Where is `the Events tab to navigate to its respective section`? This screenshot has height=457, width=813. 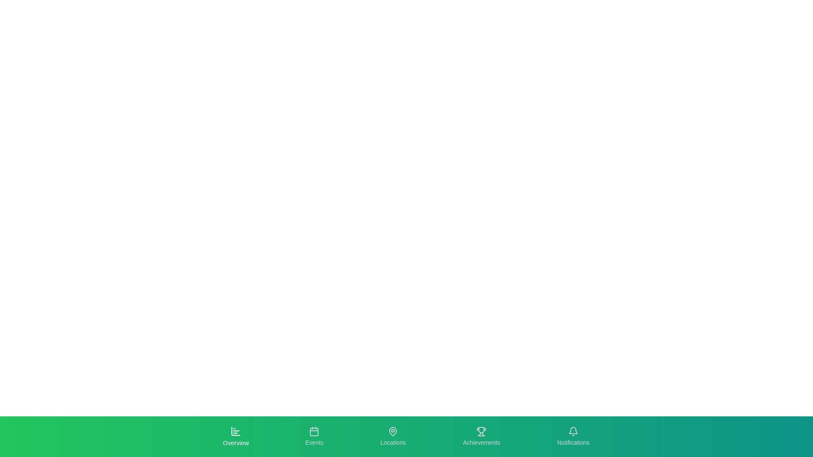
the Events tab to navigate to its respective section is located at coordinates (314, 437).